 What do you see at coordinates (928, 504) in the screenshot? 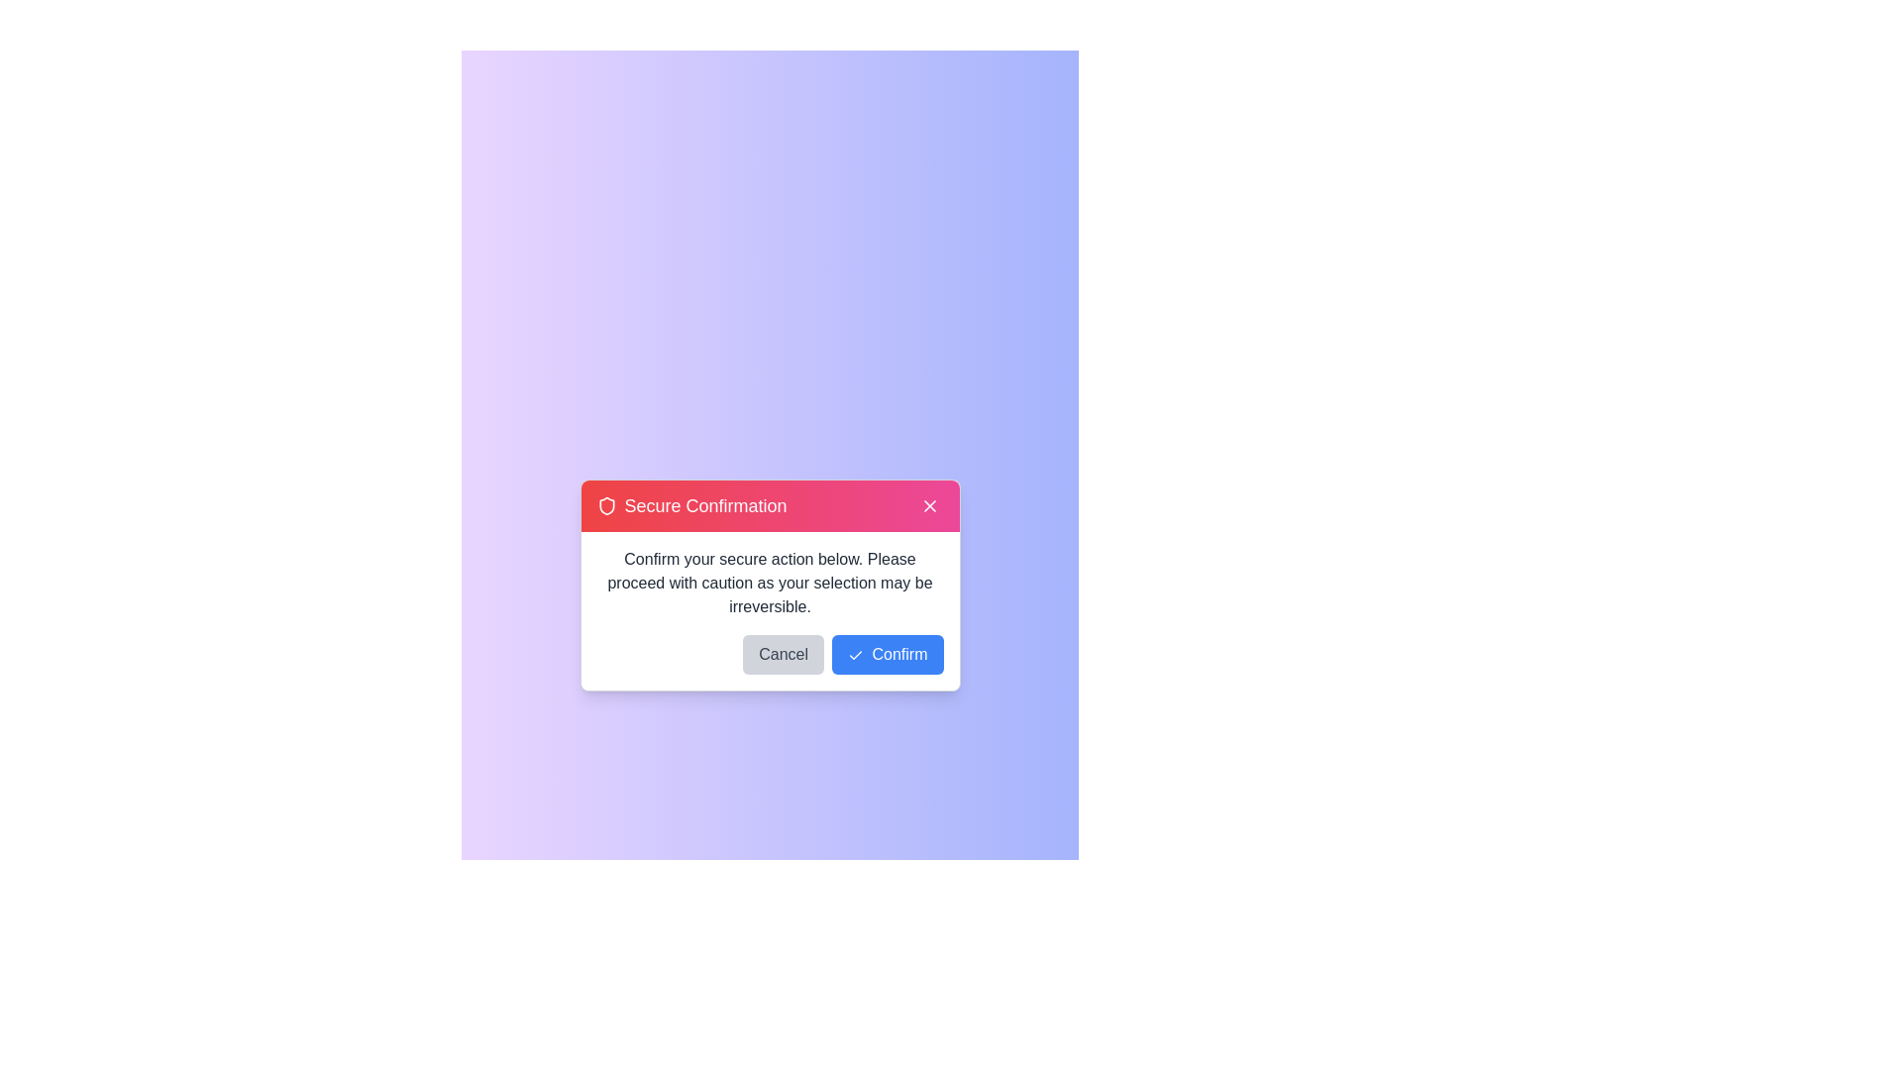
I see `the small, square-shaped button with a white 'X' icon on a pinkish-red background located at the top-right corner of the 'Secure Confirmation' dialog` at bounding box center [928, 504].